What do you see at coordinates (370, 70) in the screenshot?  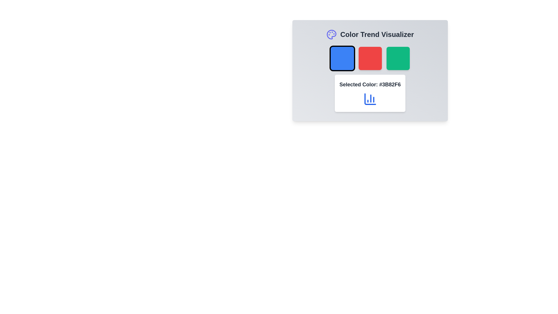 I see `the panel element with a gradient background and rounded edges, displaying 'Color Trend Visualizer' text at the top-center` at bounding box center [370, 70].